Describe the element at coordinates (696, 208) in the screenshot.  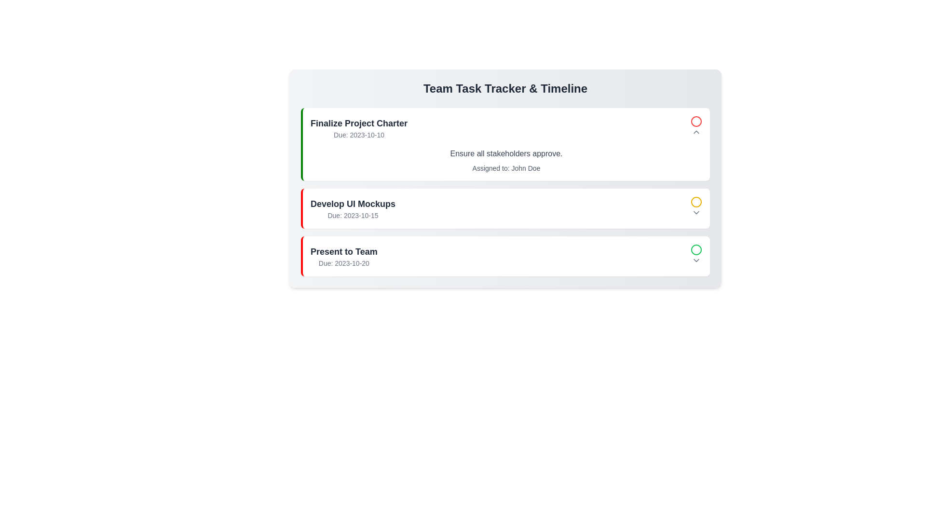
I see `the status indicator and interactive dropdown-like element located to the right of the 'Due: 2023-10-15' text in the 'Develop UI Mockups' row` at that location.